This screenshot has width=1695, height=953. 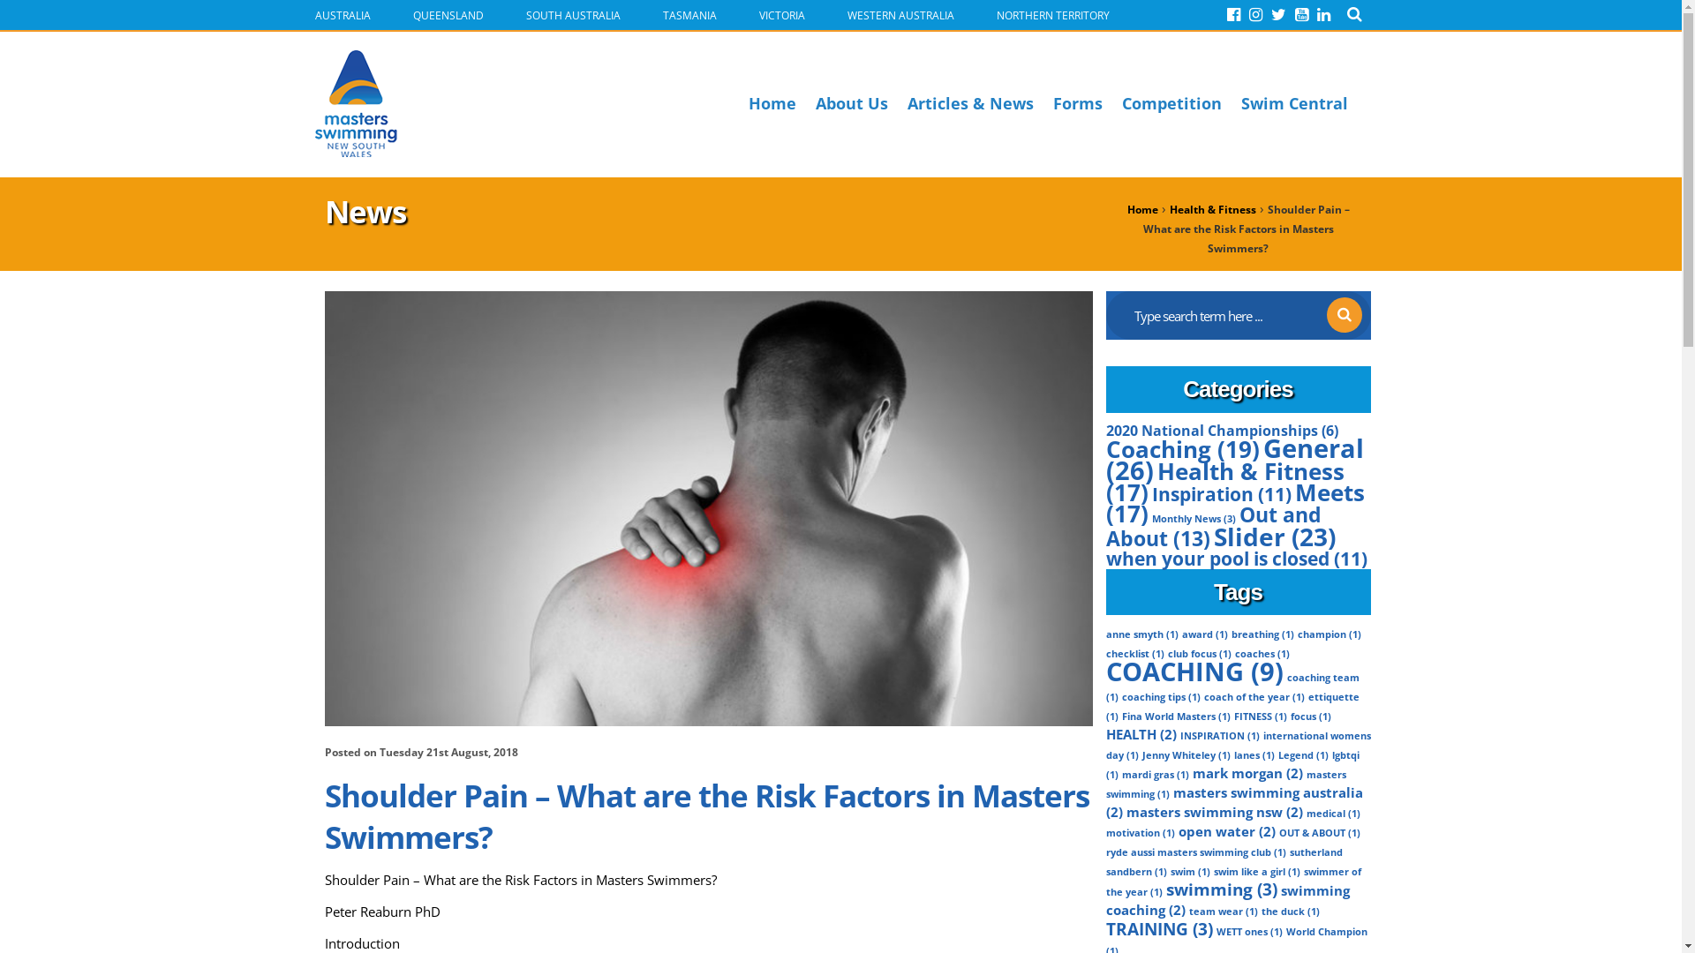 What do you see at coordinates (1104, 482) in the screenshot?
I see `'Health & Fitness (17)'` at bounding box center [1104, 482].